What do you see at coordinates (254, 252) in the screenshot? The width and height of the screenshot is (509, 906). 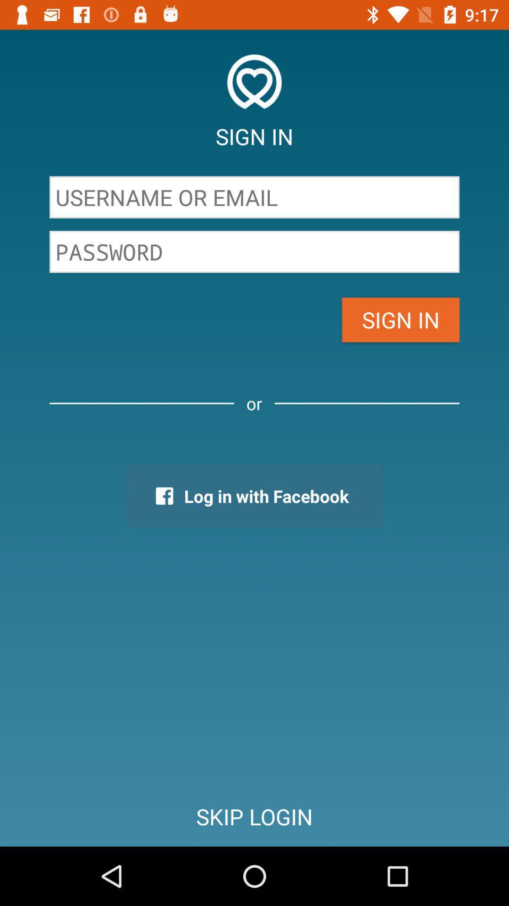 I see `email password` at bounding box center [254, 252].